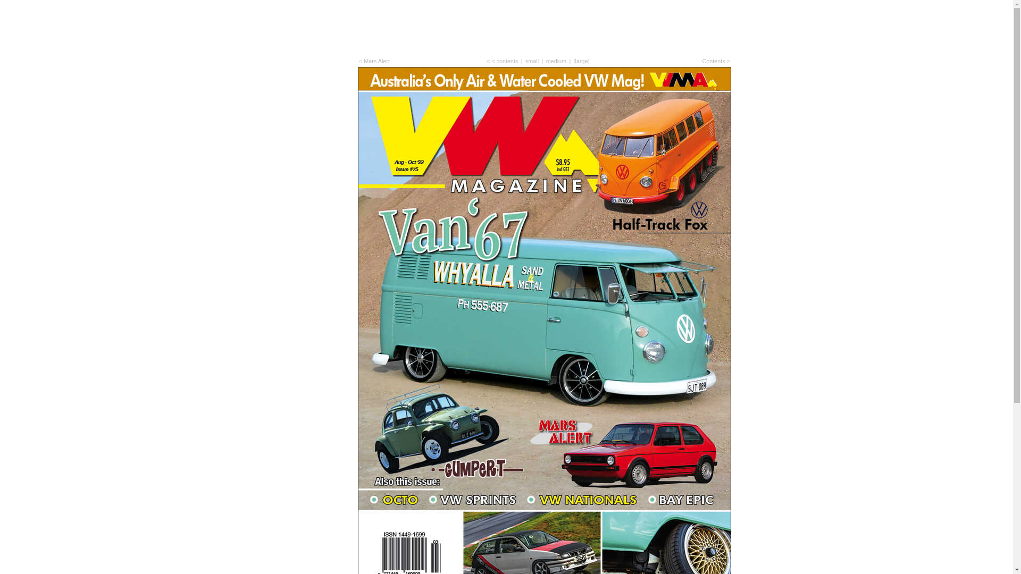  What do you see at coordinates (581, 61) in the screenshot?
I see `'[large]'` at bounding box center [581, 61].